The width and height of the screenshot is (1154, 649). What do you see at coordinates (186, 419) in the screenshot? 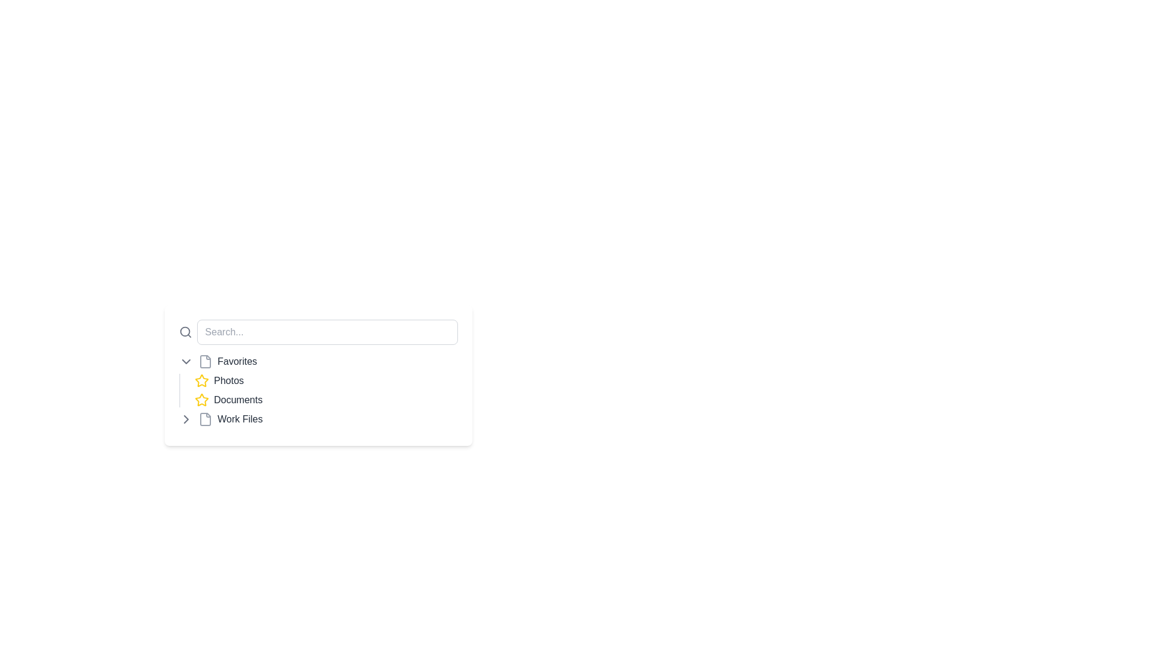
I see `the chevron-shaped icon pointing to the right, located to the left of the 'Work Files' entry in the sidebar menu` at bounding box center [186, 419].